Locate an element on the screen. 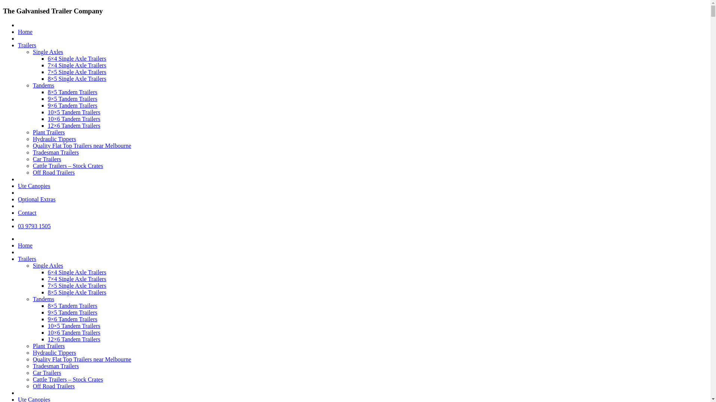 The image size is (716, 402). 'Trailers' is located at coordinates (27, 45).